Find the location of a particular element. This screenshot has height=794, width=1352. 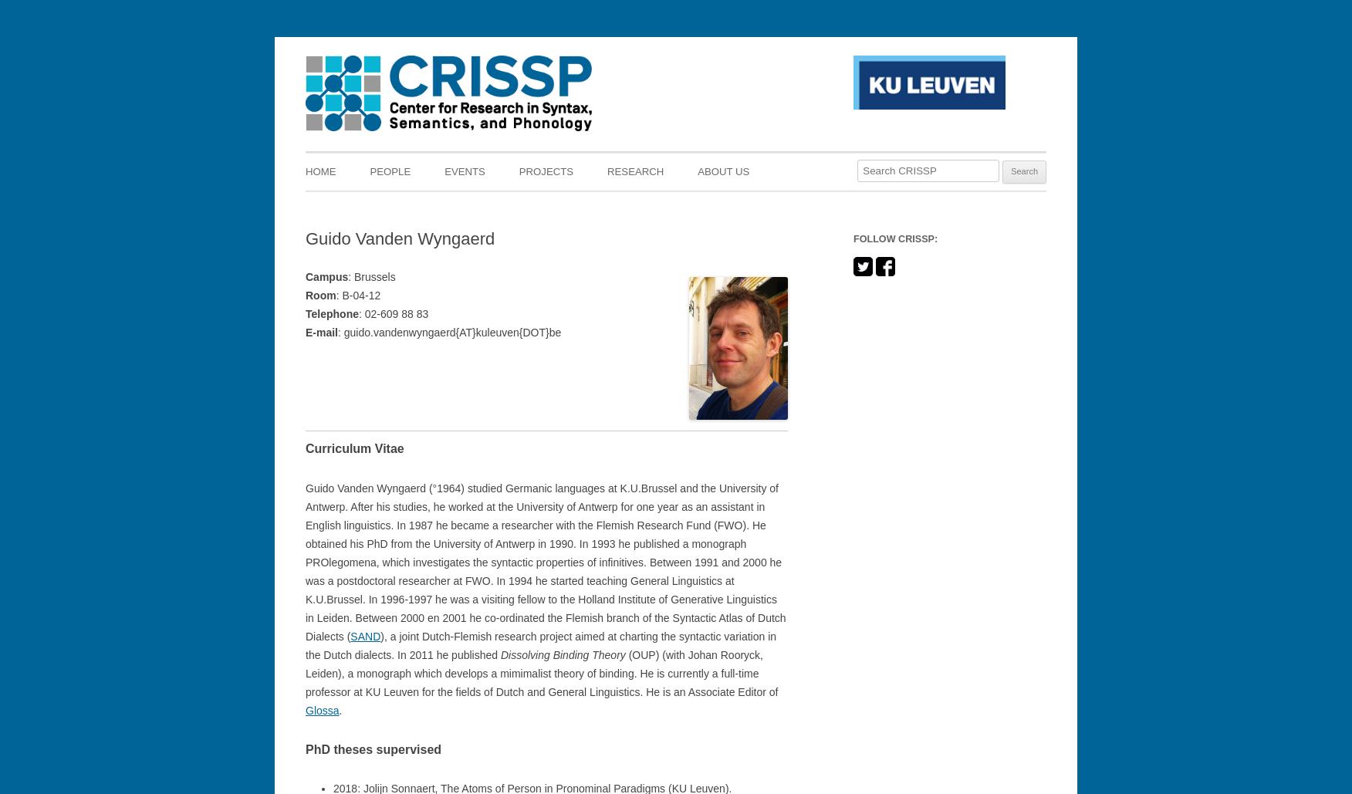

'Glossa' is located at coordinates (321, 710).